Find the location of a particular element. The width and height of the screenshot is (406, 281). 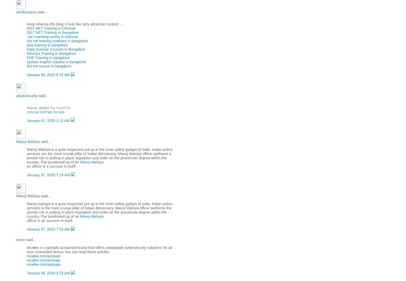

'January 07, 2020 3:15 AM' is located at coordinates (49, 120).